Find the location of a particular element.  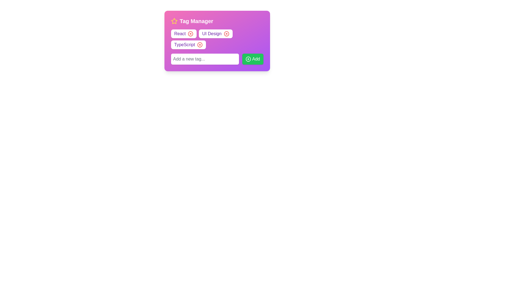

the tags displayed within the panel labeled 'Tag Manager' is located at coordinates (217, 41).